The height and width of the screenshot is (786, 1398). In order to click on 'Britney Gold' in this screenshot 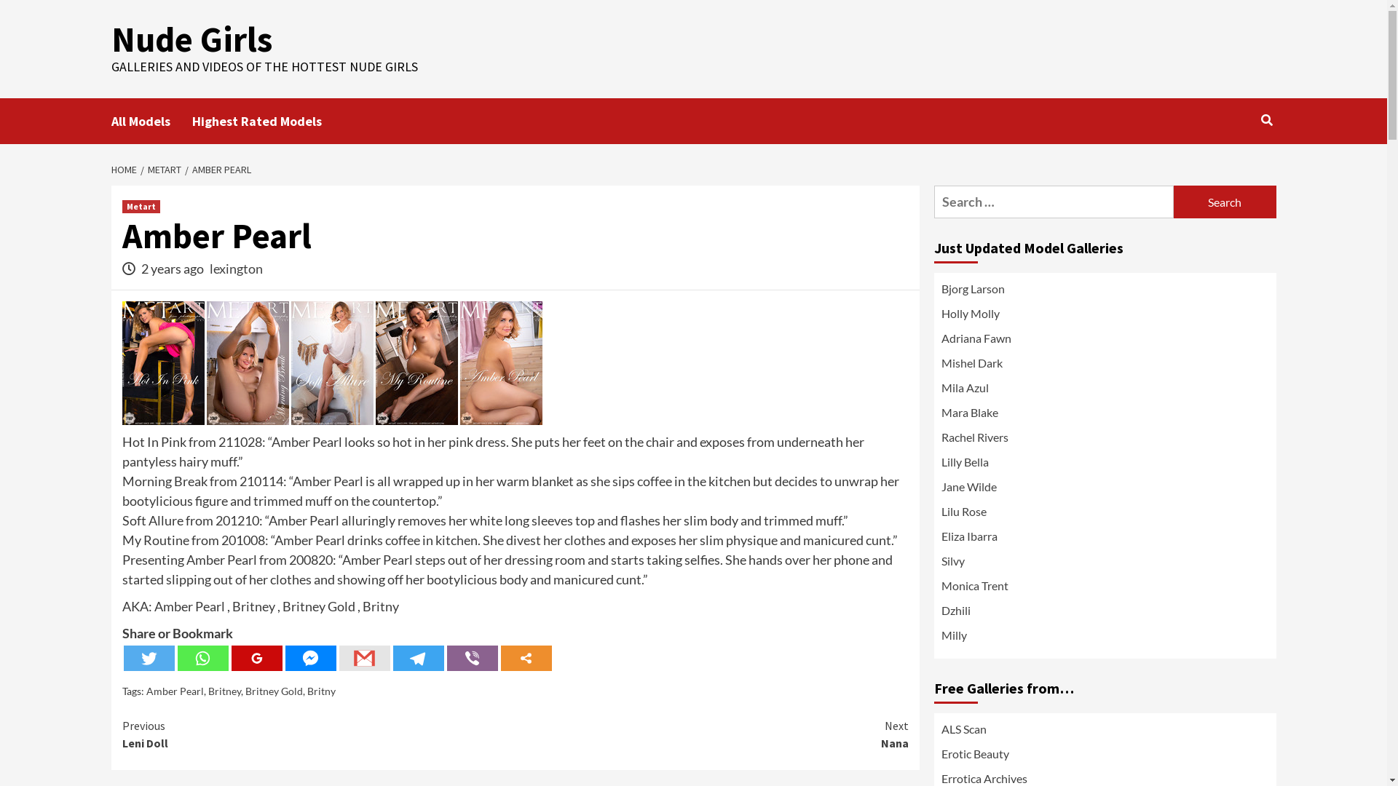, I will do `click(273, 690)`.